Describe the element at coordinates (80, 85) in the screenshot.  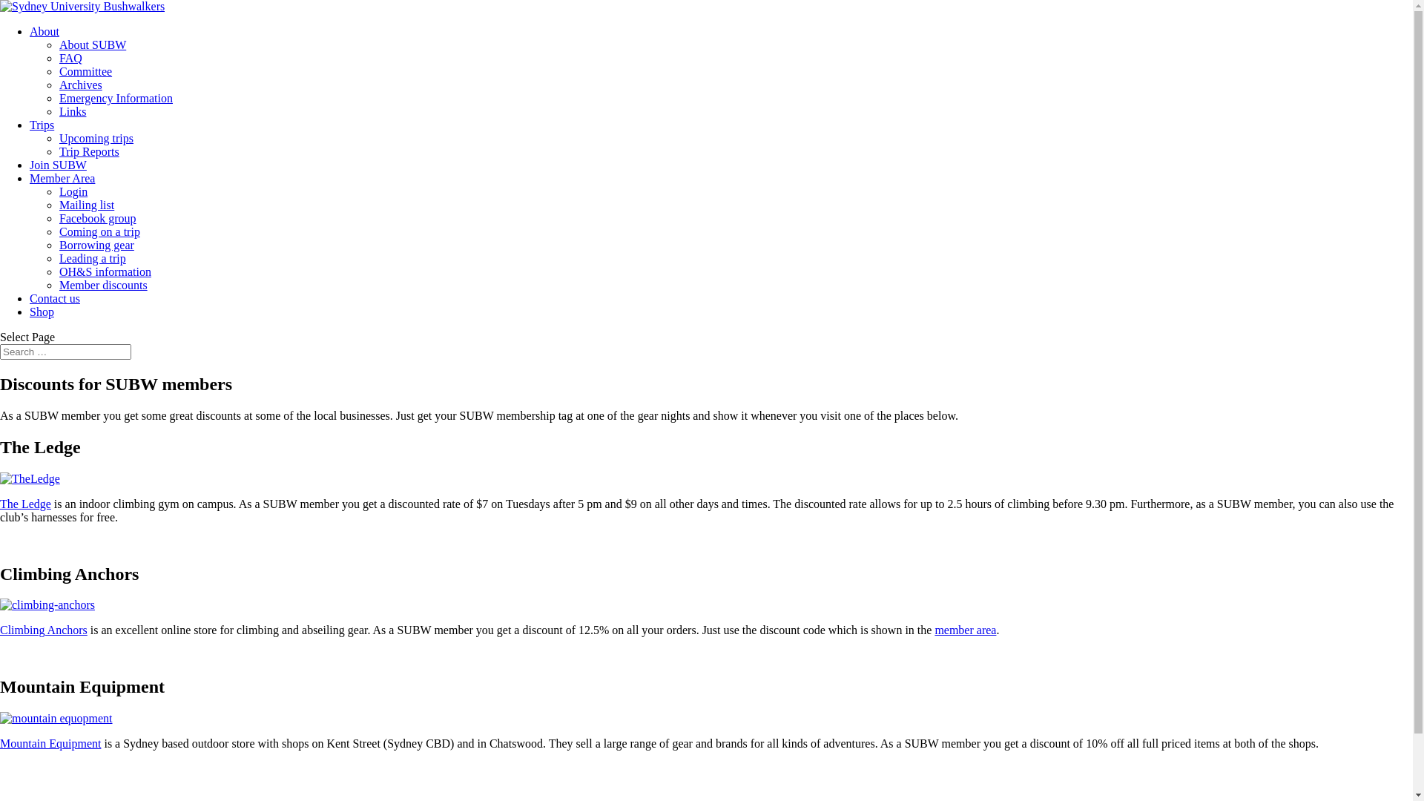
I see `'Archives'` at that location.